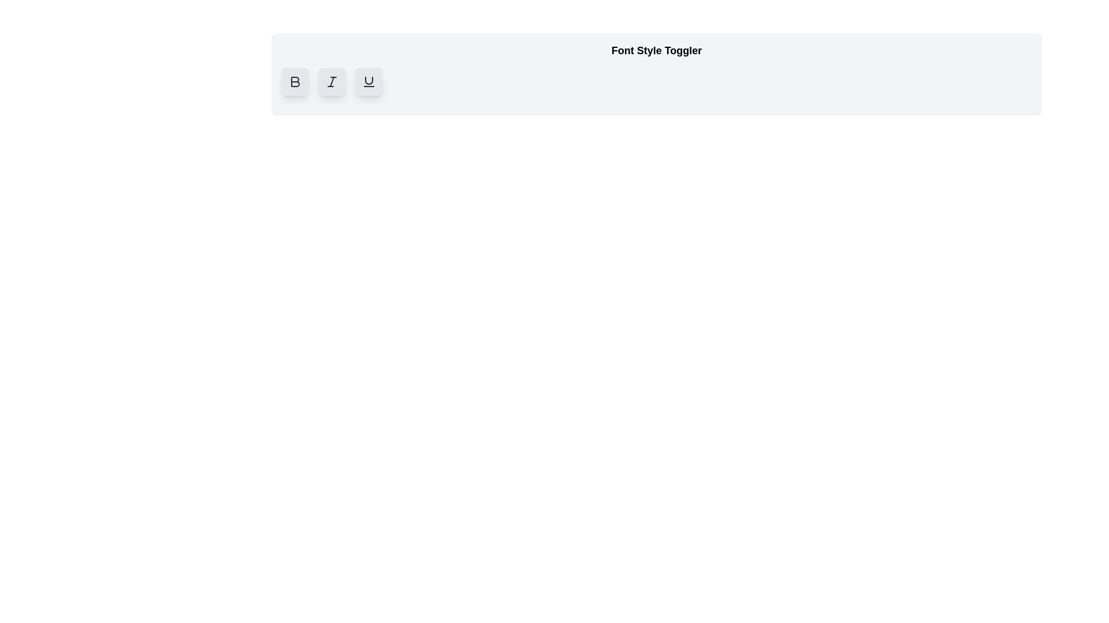 The height and width of the screenshot is (623, 1109). Describe the element at coordinates (368, 81) in the screenshot. I see `the button with an underline icon, which is the third button in a horizontal group of text style toggle buttons` at that location.